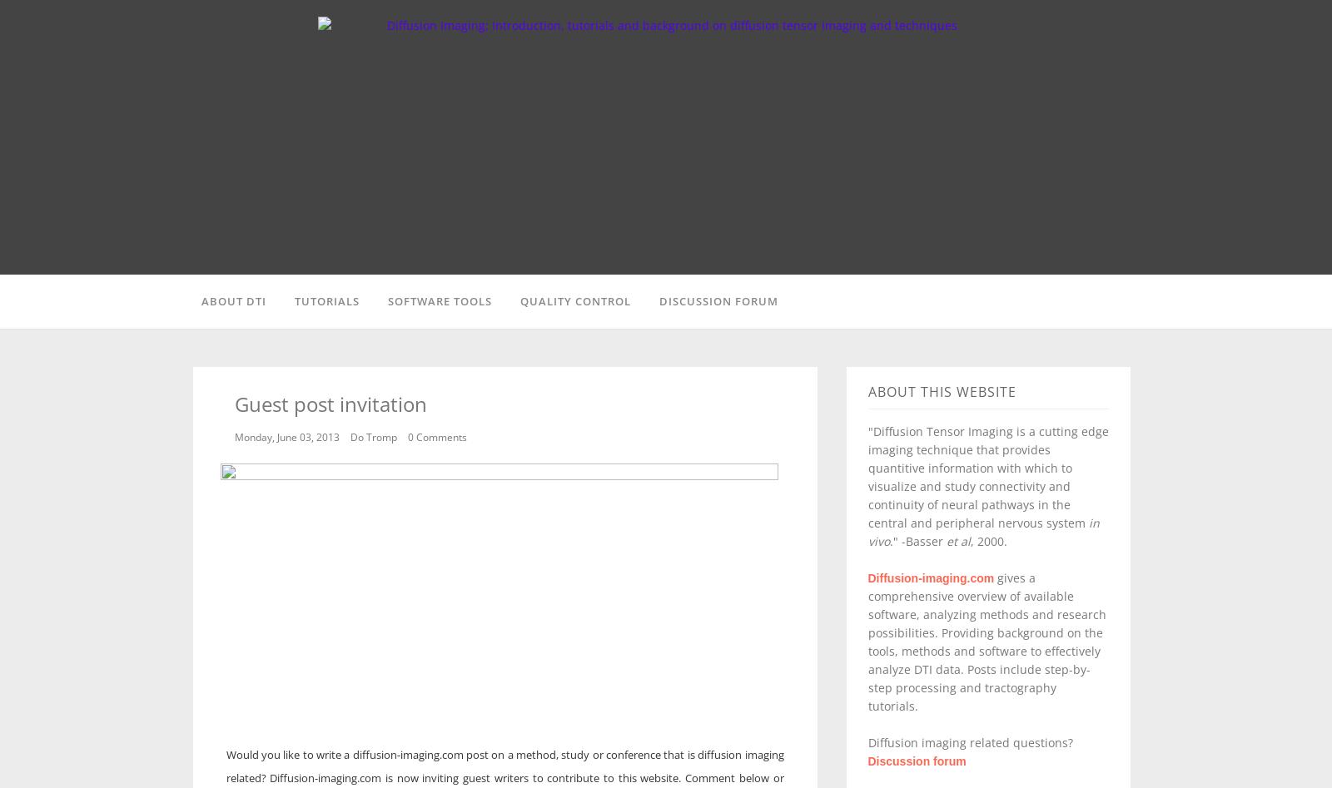 This screenshot has height=788, width=1332. What do you see at coordinates (233, 436) in the screenshot?
I see `'Monday, June 03, 2013'` at bounding box center [233, 436].